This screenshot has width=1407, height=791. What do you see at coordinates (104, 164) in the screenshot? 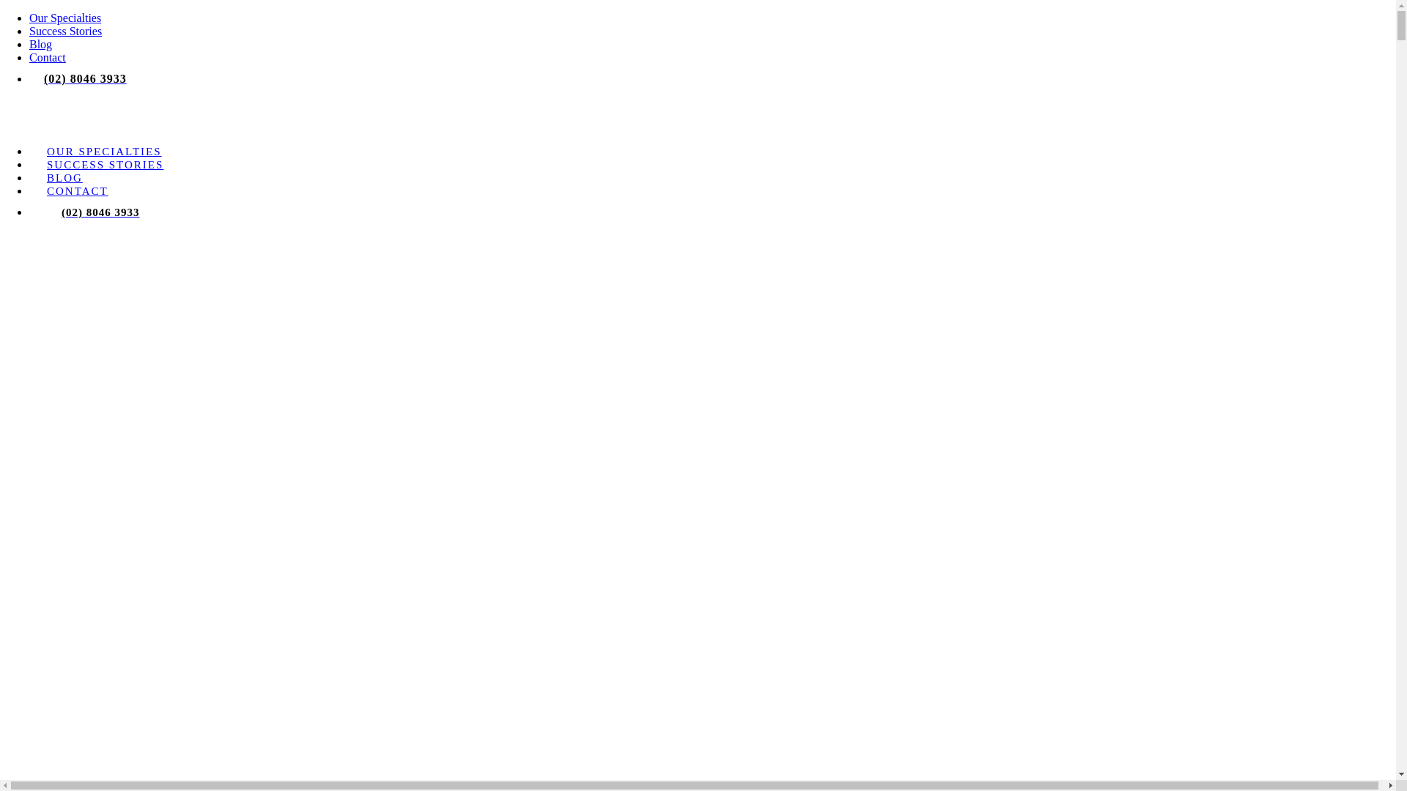
I see `'SUCCESS STORIES'` at bounding box center [104, 164].